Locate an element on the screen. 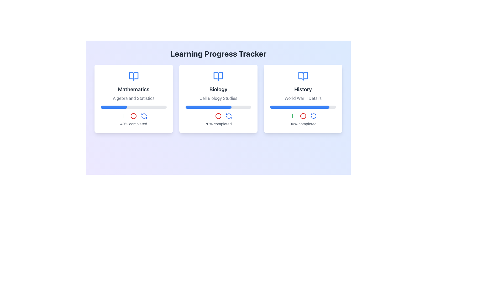  displayed text from the progress tracking card for 'Mathematics', which is the first card in the top-left corner of the grid layout is located at coordinates (134, 99).